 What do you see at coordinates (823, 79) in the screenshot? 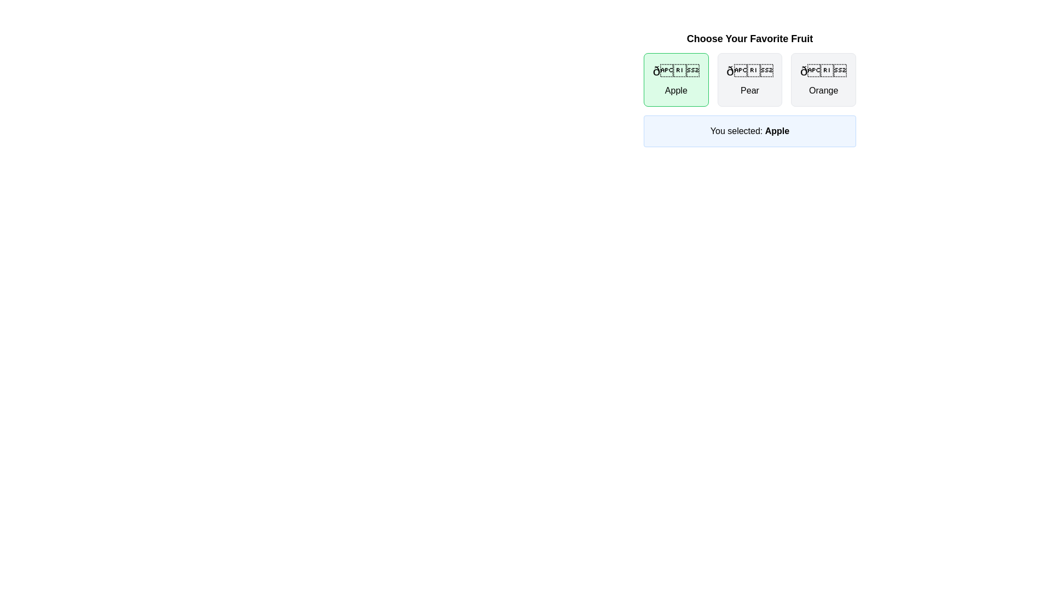
I see `the 'Orange' selectable button, which is a rounded rectangle with an orange fruit emoji and the label 'Orange' below it` at bounding box center [823, 79].